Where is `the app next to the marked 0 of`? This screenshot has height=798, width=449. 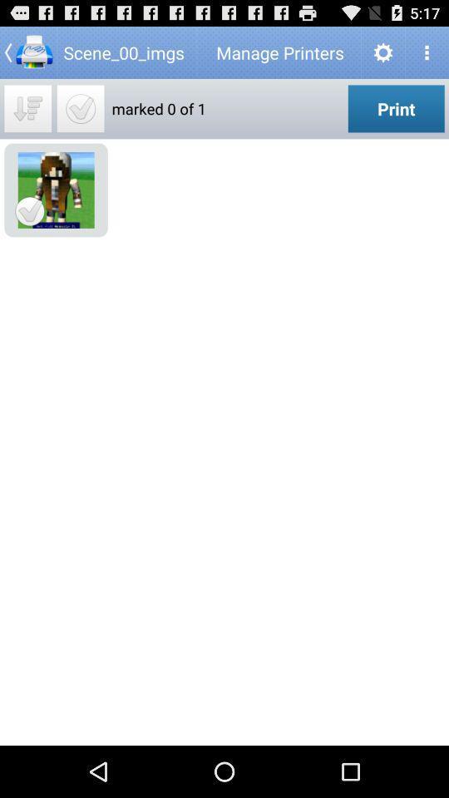 the app next to the marked 0 of is located at coordinates (80, 107).